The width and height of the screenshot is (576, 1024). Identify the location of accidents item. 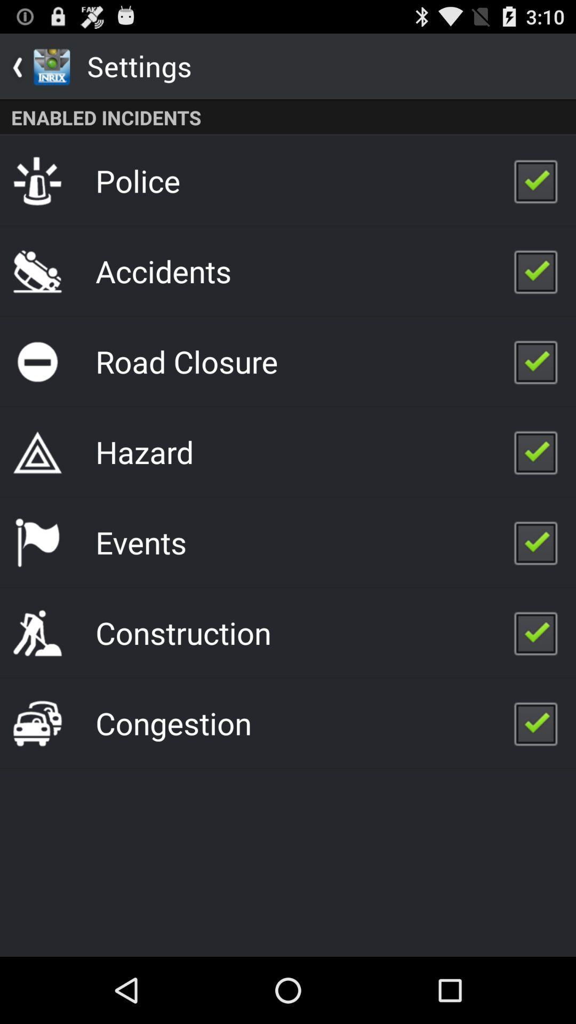
(163, 271).